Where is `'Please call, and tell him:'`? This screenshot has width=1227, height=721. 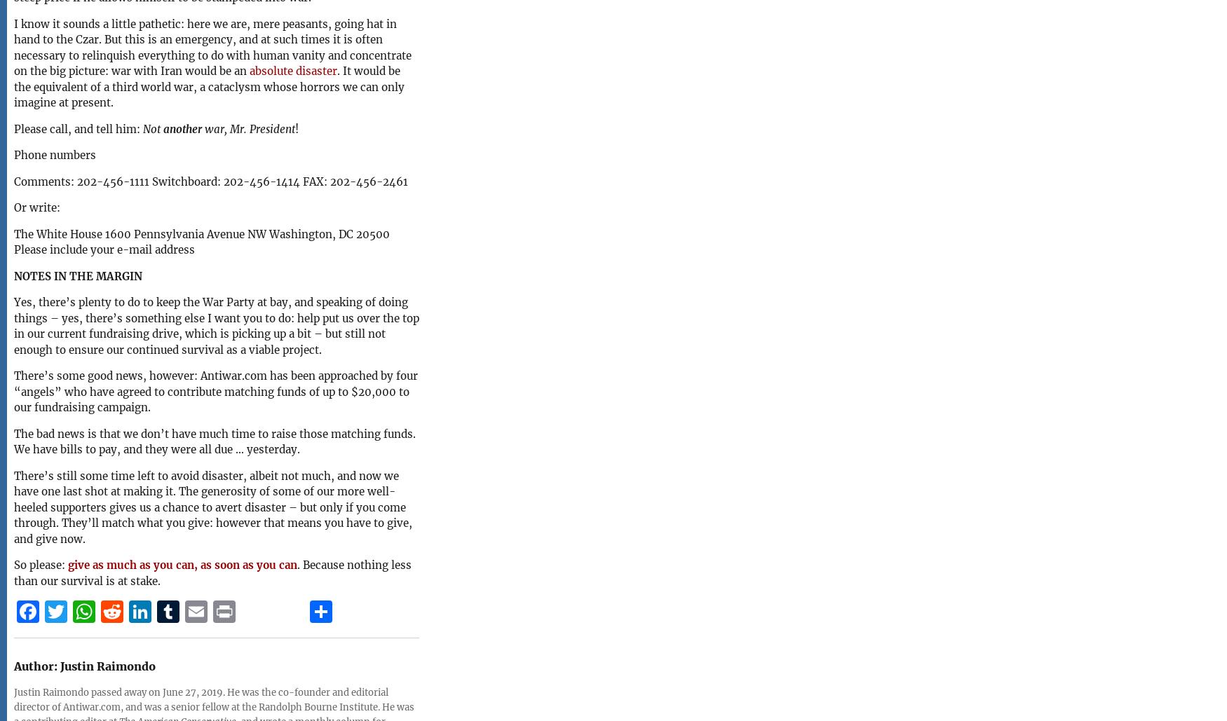
'Please call, and tell him:' is located at coordinates (79, 128).